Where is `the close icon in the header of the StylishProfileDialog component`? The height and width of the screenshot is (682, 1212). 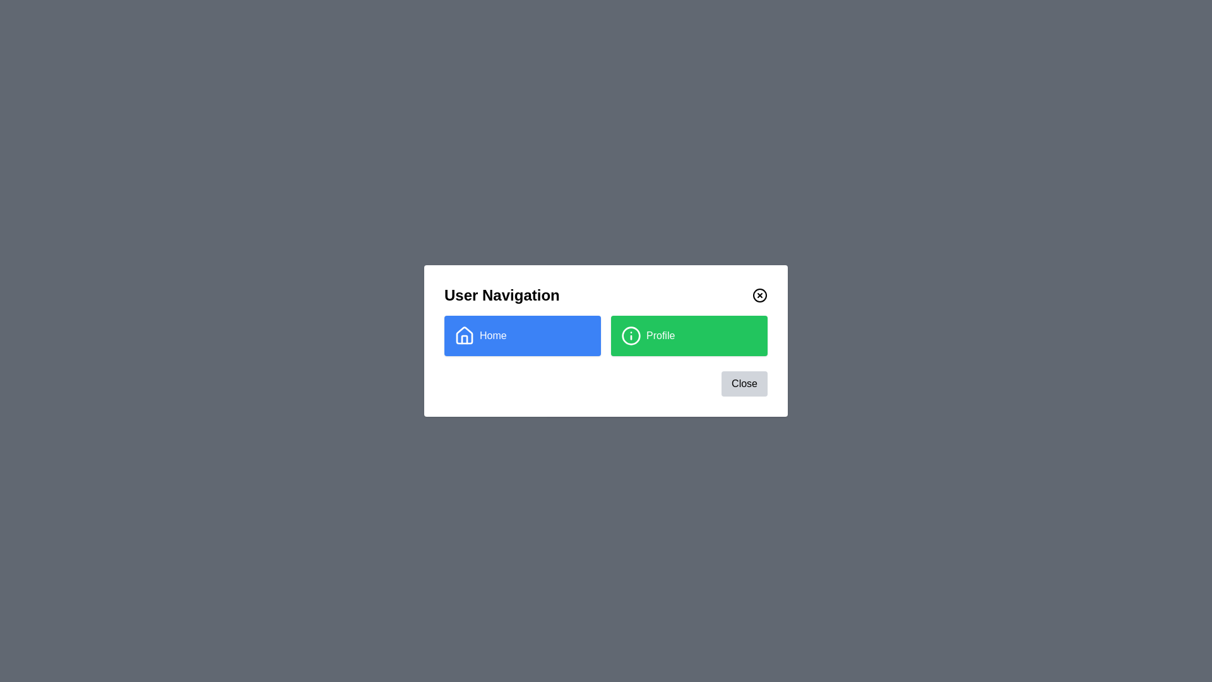 the close icon in the header of the StylishProfileDialog component is located at coordinates (759, 295).